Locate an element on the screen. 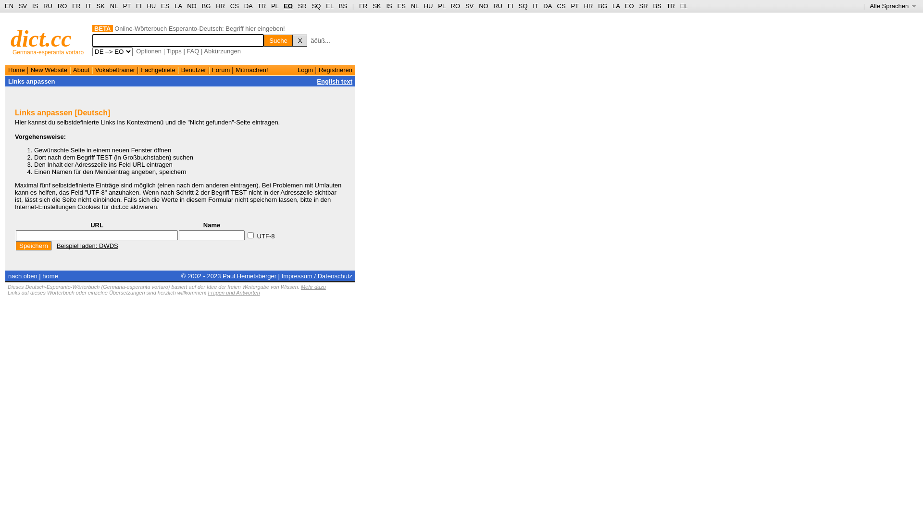 The image size is (923, 519). 'SQ' is located at coordinates (316, 6).